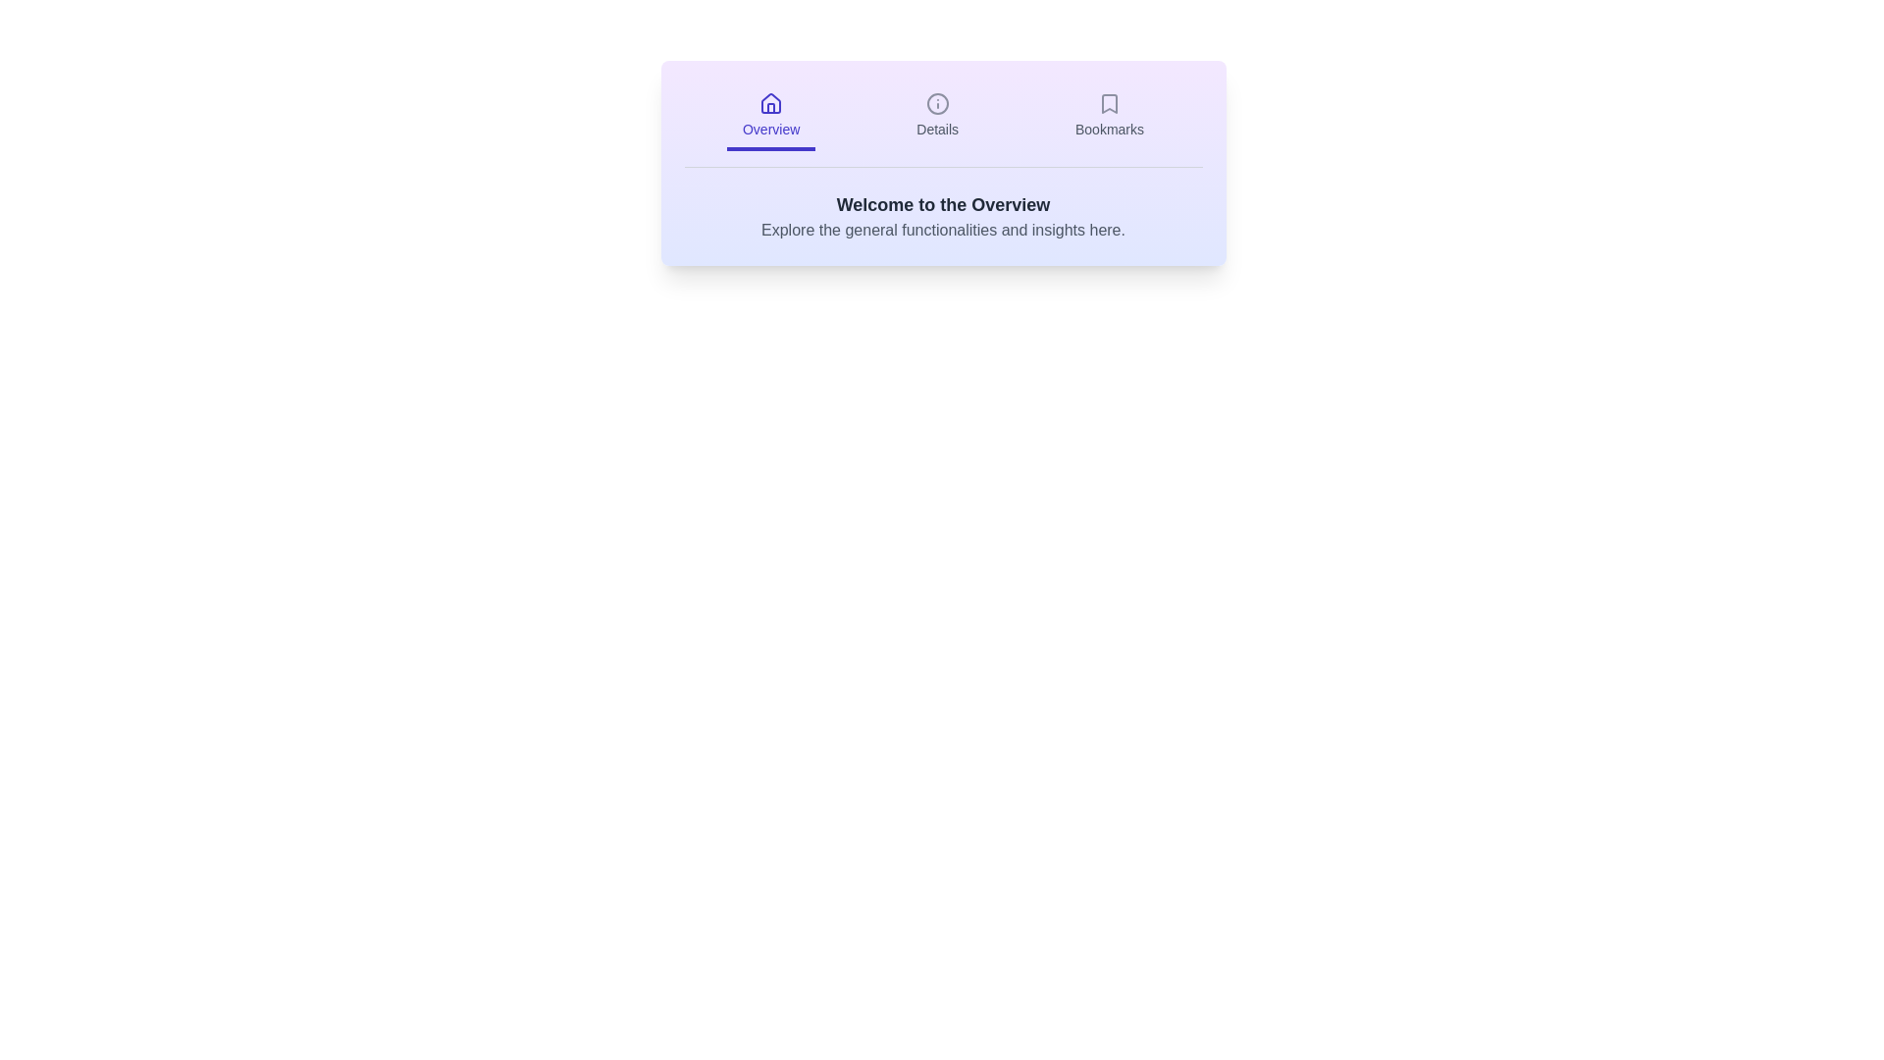 Image resolution: width=1884 pixels, height=1060 pixels. Describe the element at coordinates (1110, 103) in the screenshot. I see `the bookmark icon located in the top navigation menu above the 'Bookmarks' text, which is the third item from the left in the 'Bookmarks' section` at that location.